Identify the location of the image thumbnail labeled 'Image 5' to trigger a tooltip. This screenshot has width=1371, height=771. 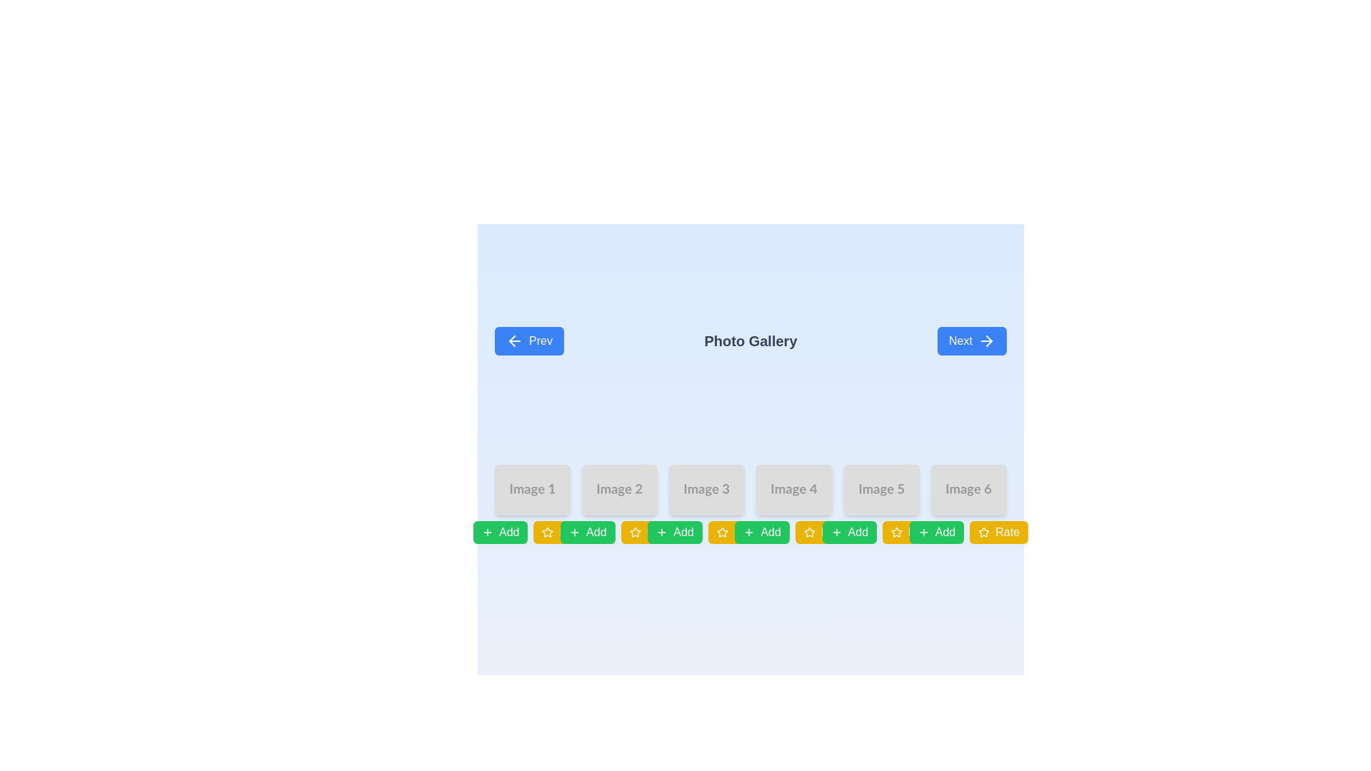
(880, 489).